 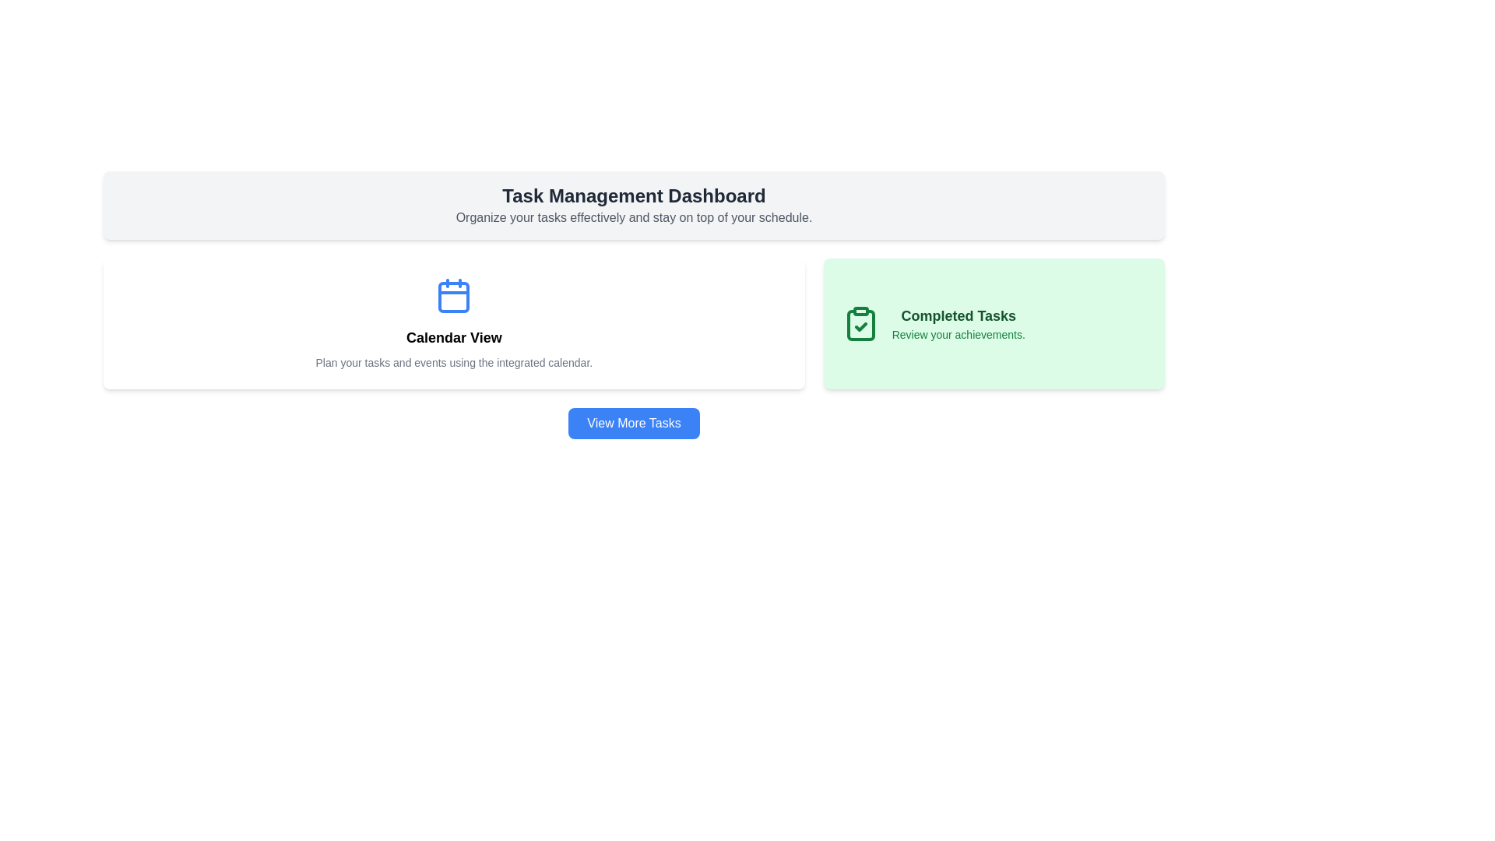 I want to click on the Informational banner titled 'Task Management Dashboard' with a light gray background and rounded corners, positioned at the top of the grid layout, so click(x=634, y=204).